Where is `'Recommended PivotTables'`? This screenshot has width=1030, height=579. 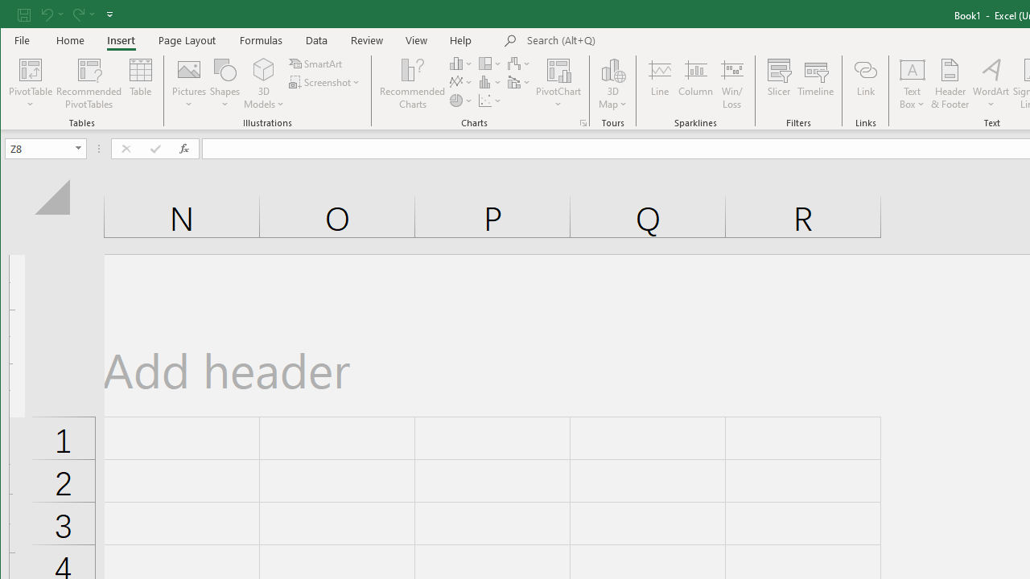 'Recommended PivotTables' is located at coordinates (88, 84).